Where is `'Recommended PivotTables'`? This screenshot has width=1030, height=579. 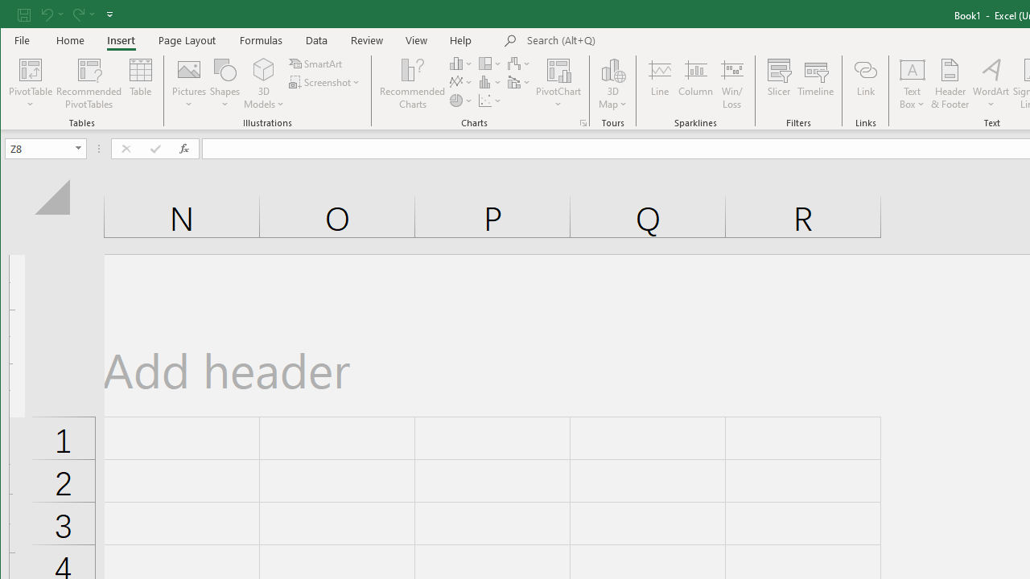 'Recommended PivotTables' is located at coordinates (88, 84).